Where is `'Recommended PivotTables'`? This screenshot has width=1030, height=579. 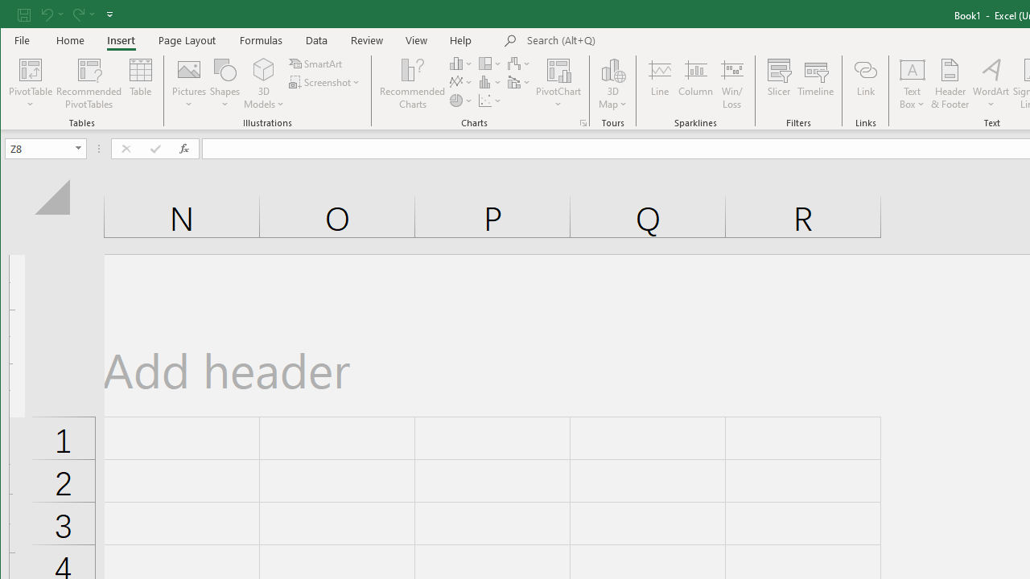 'Recommended PivotTables' is located at coordinates (88, 84).